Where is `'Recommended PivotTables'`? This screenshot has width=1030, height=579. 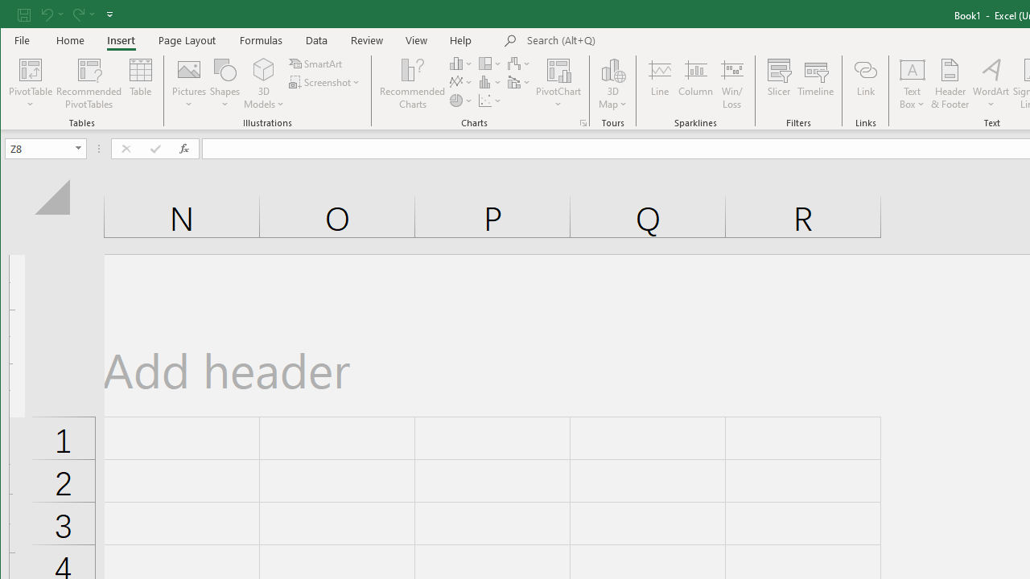 'Recommended PivotTables' is located at coordinates (88, 84).